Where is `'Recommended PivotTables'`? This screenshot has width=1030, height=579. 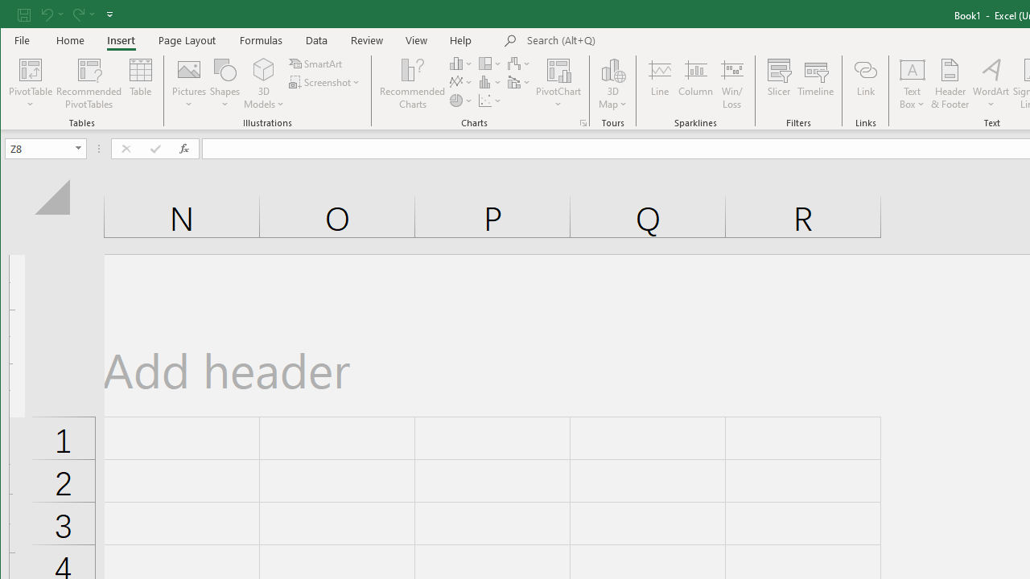 'Recommended PivotTables' is located at coordinates (88, 84).